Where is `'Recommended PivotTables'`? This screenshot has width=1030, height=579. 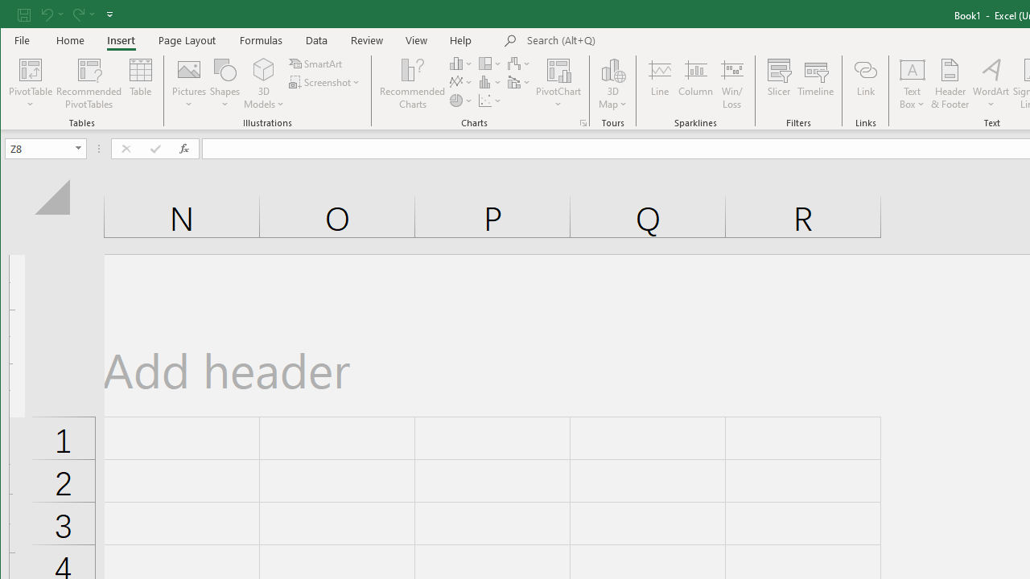 'Recommended PivotTables' is located at coordinates (88, 84).